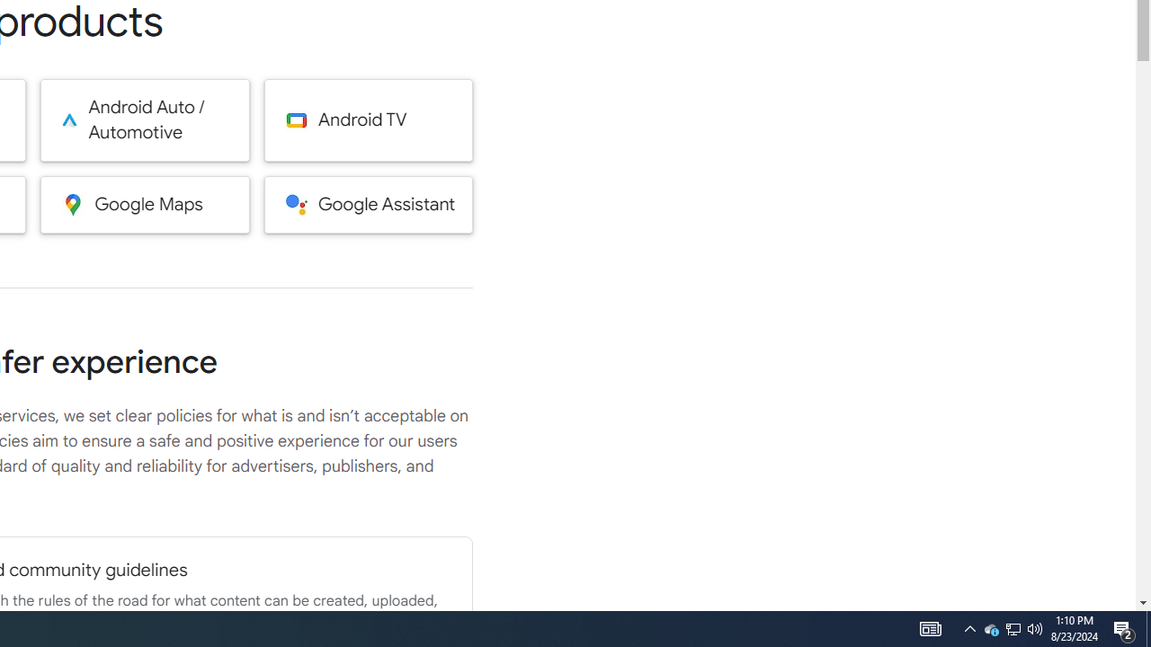 The image size is (1151, 647). What do you see at coordinates (145, 203) in the screenshot?
I see `'Google Maps'` at bounding box center [145, 203].